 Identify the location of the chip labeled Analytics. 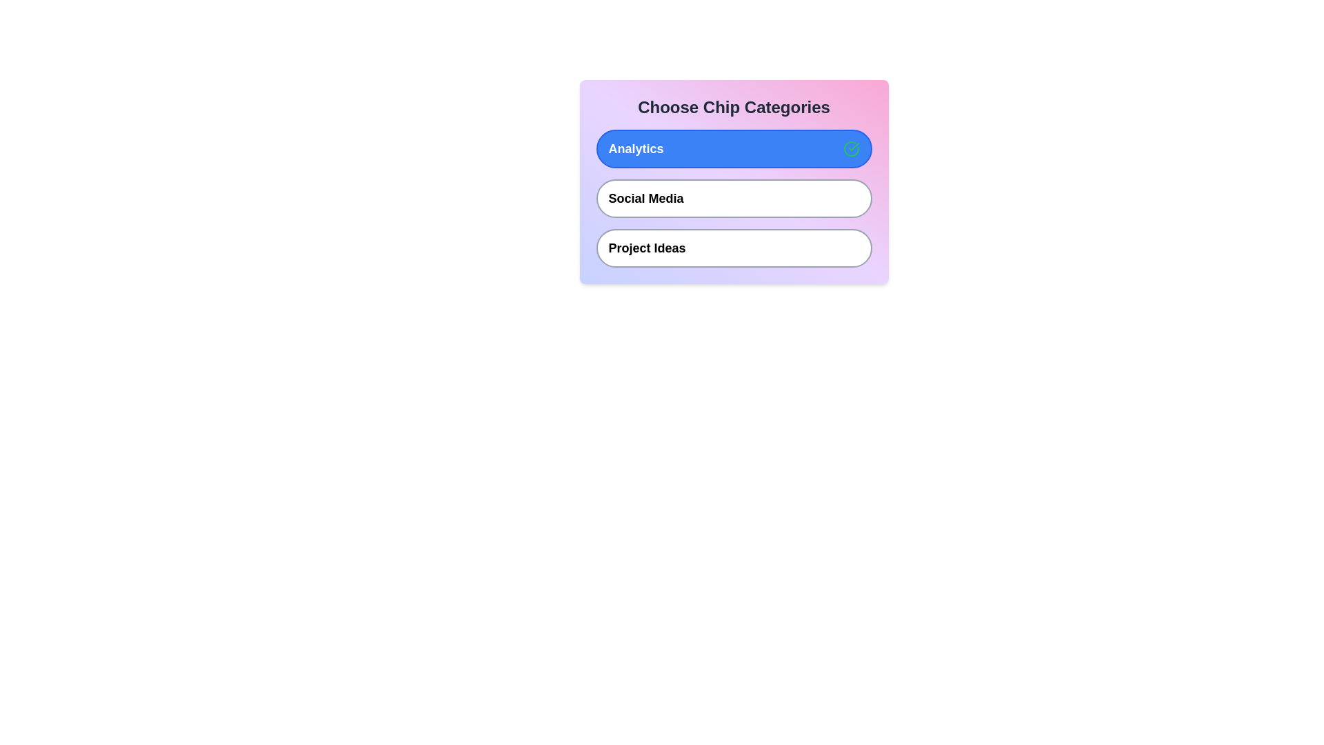
(733, 149).